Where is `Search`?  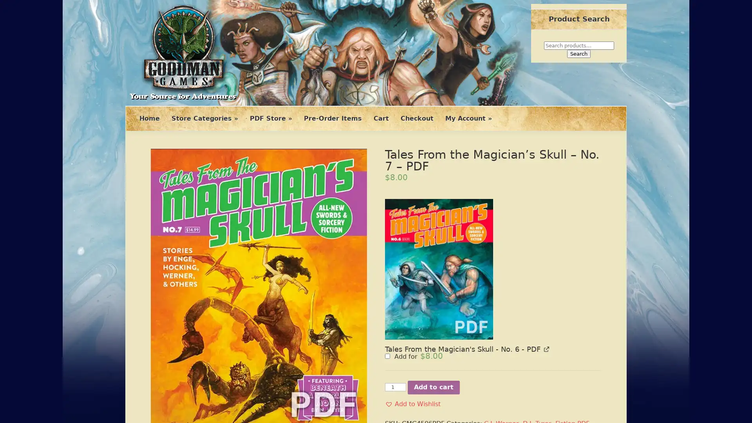
Search is located at coordinates (579, 53).